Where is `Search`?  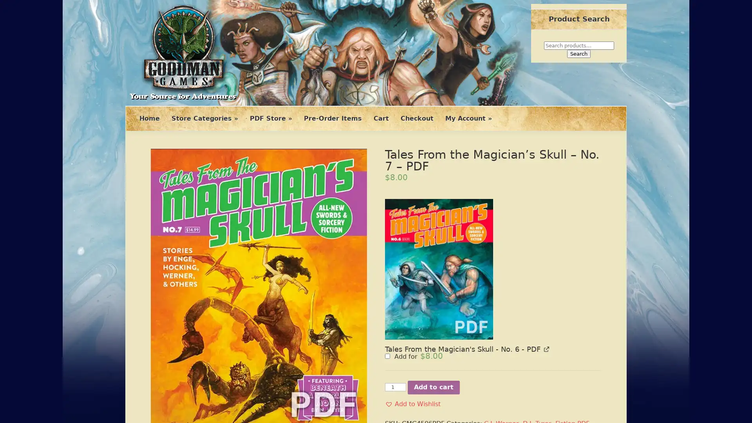
Search is located at coordinates (579, 53).